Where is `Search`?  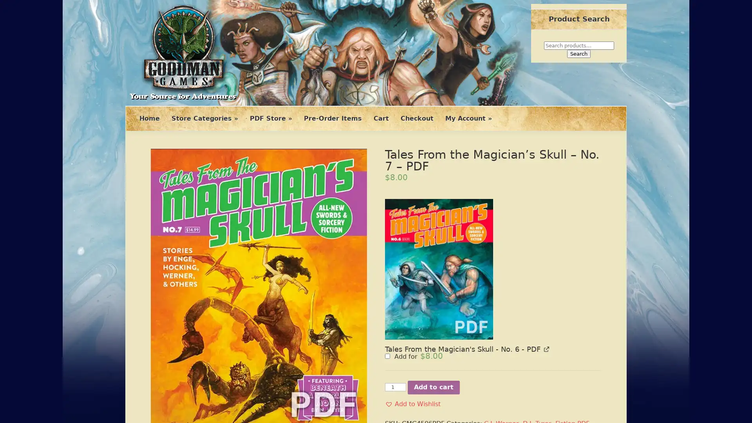
Search is located at coordinates (579, 53).